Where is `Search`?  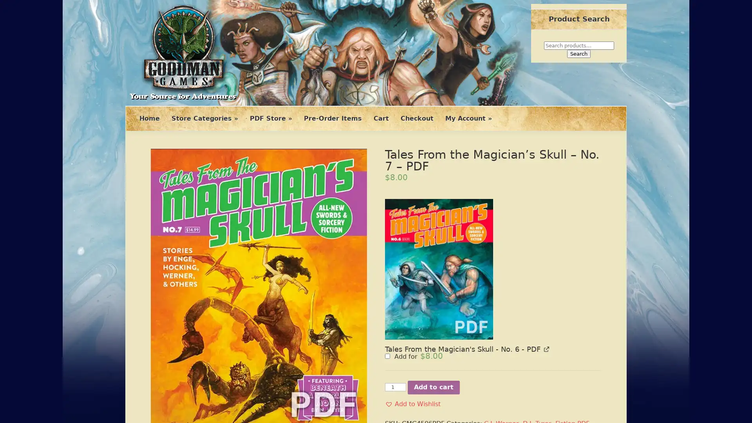
Search is located at coordinates (579, 53).